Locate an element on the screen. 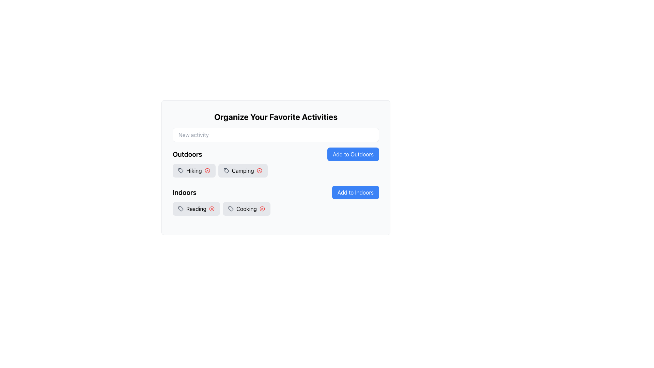 The height and width of the screenshot is (368, 654). the vector graphic representing the tag icon next to the 'Camping' text under the 'Outdoors' category is located at coordinates (226, 170).